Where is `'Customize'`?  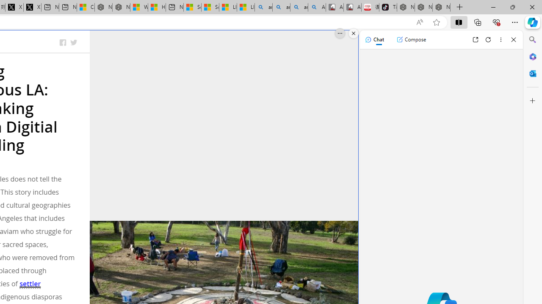
'Customize' is located at coordinates (532, 100).